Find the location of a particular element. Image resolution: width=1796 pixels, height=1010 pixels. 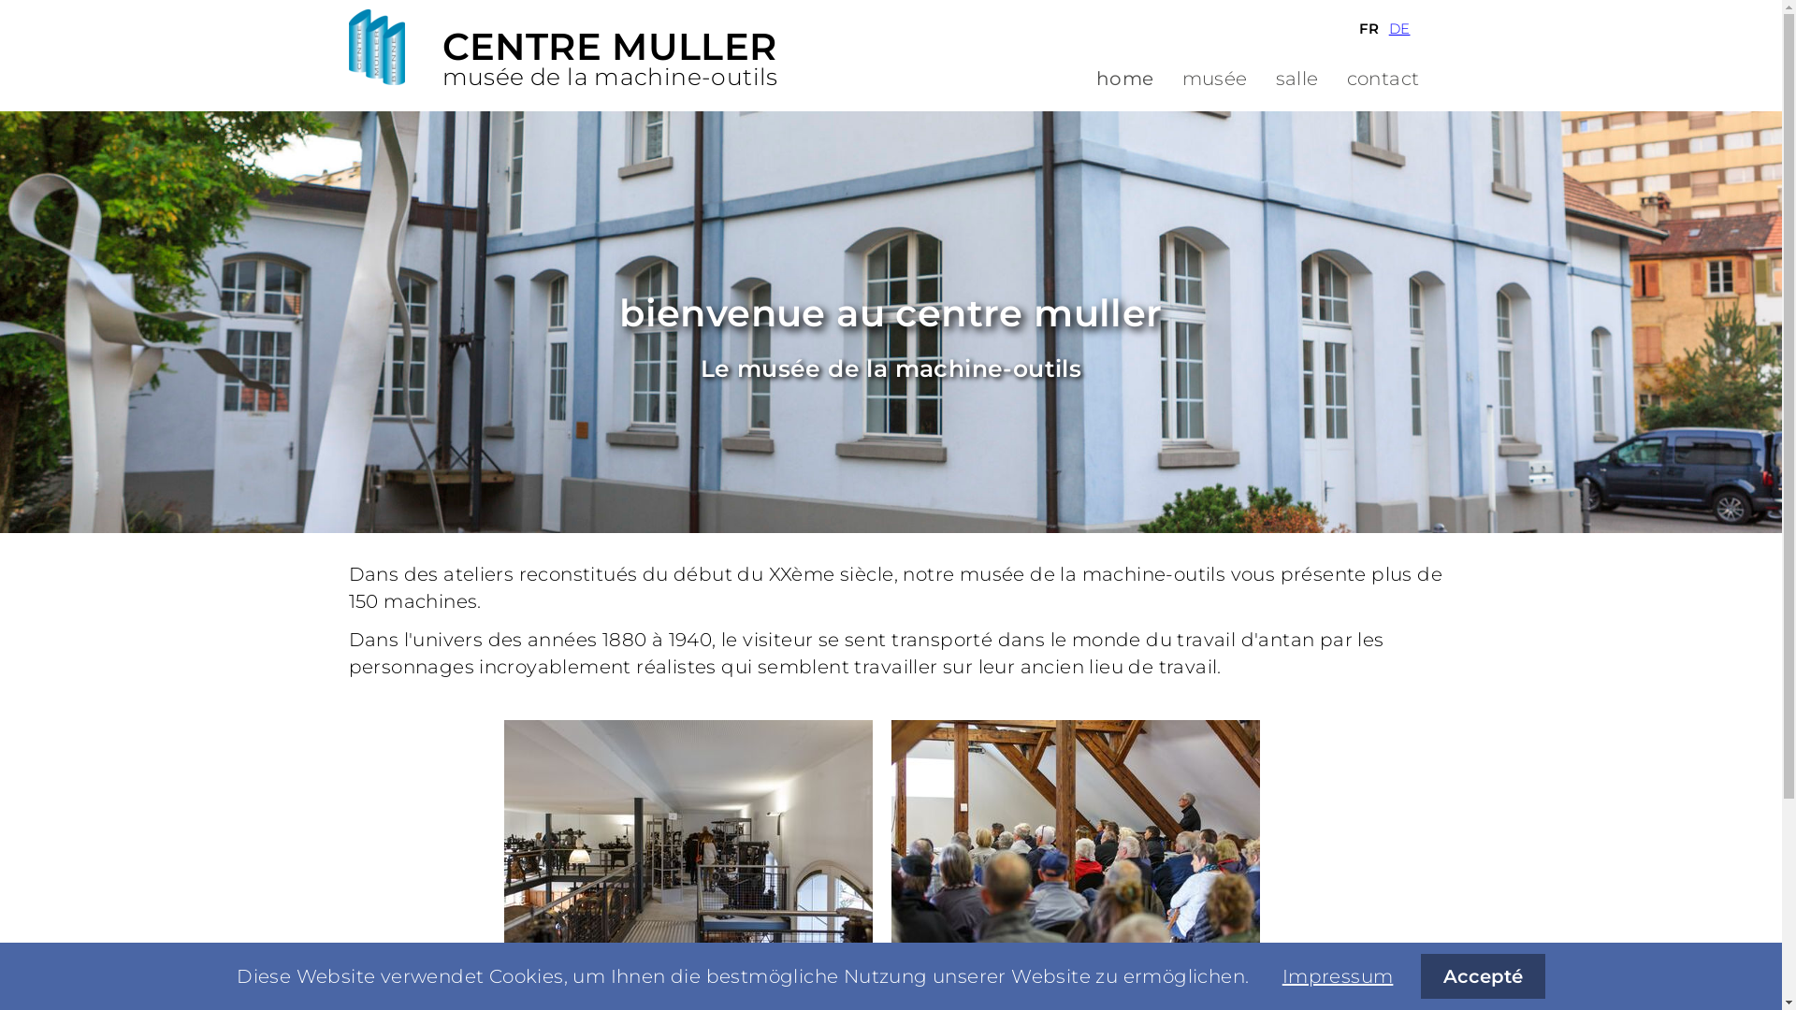

'contact' is located at coordinates (1406, 987).